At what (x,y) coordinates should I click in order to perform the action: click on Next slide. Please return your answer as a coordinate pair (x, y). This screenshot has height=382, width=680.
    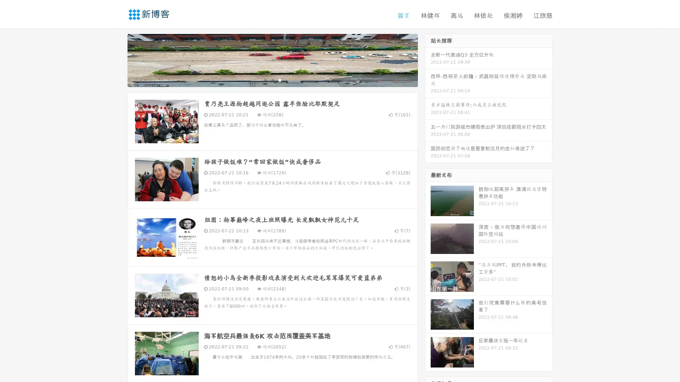
    Looking at the image, I should click on (428, 59).